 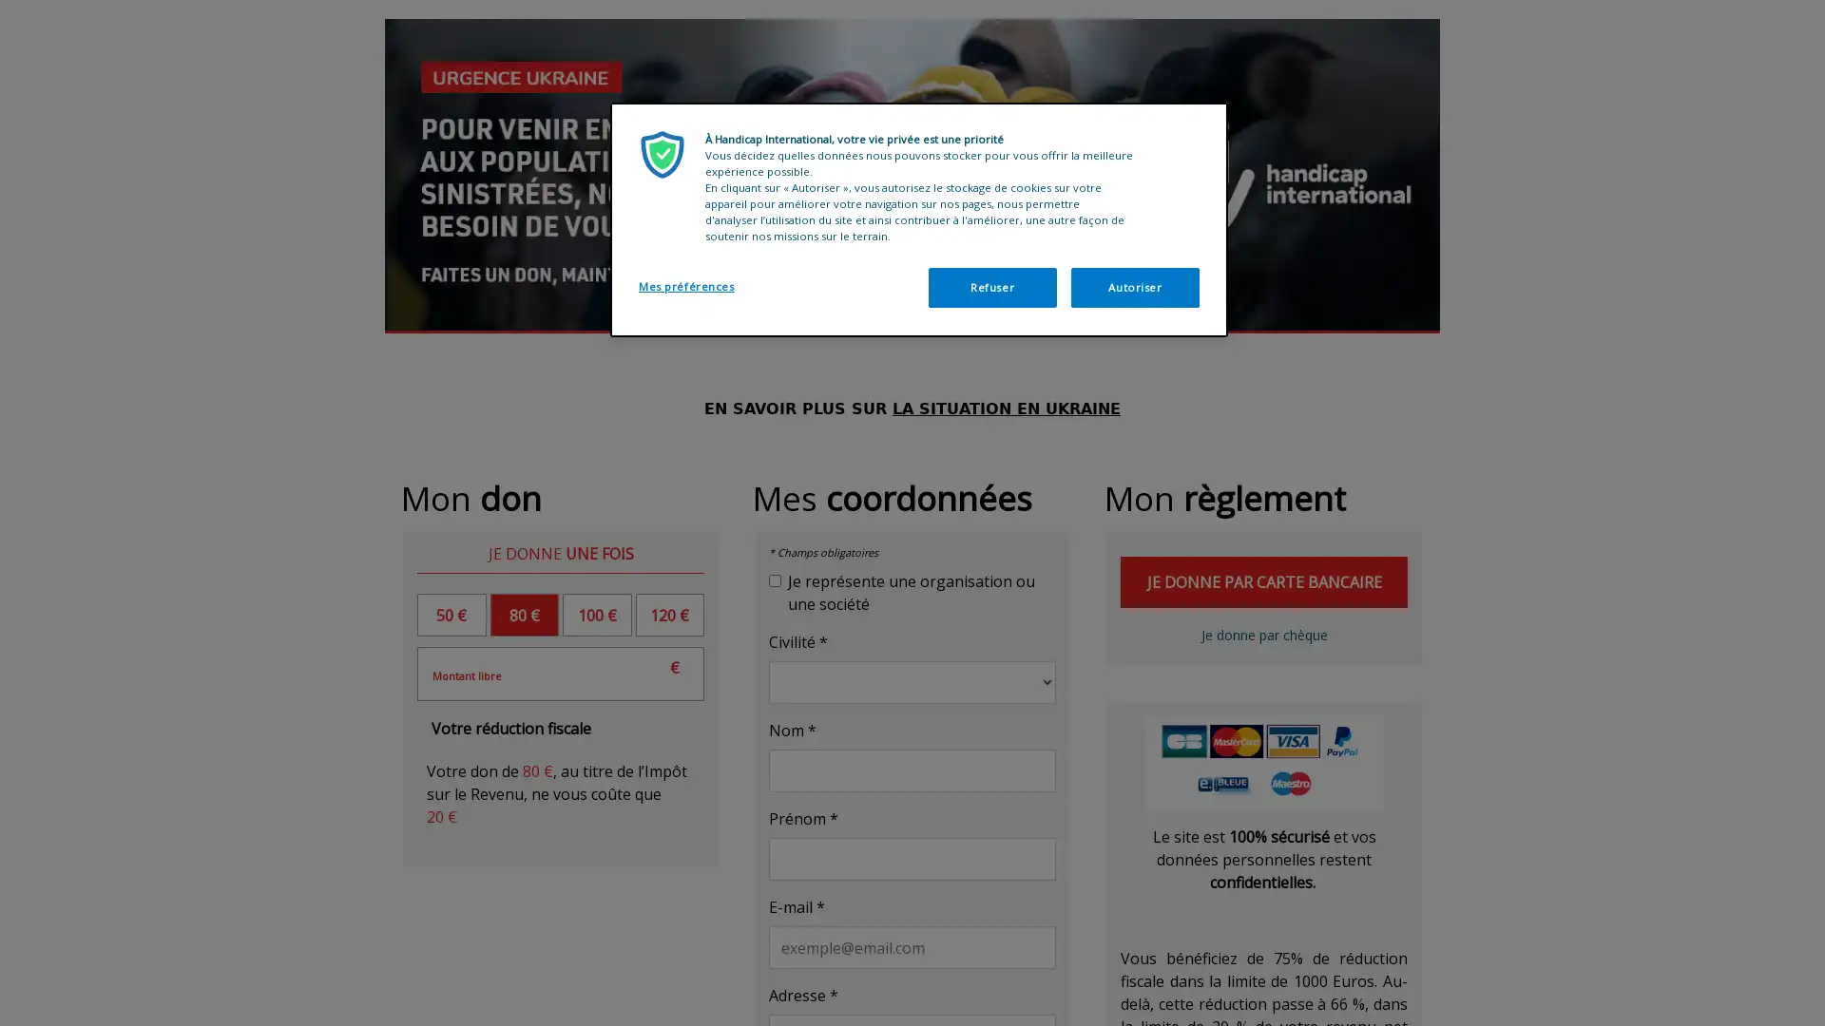 I want to click on Affiche le contenu de defiscalisation pour, so click(x=510, y=728).